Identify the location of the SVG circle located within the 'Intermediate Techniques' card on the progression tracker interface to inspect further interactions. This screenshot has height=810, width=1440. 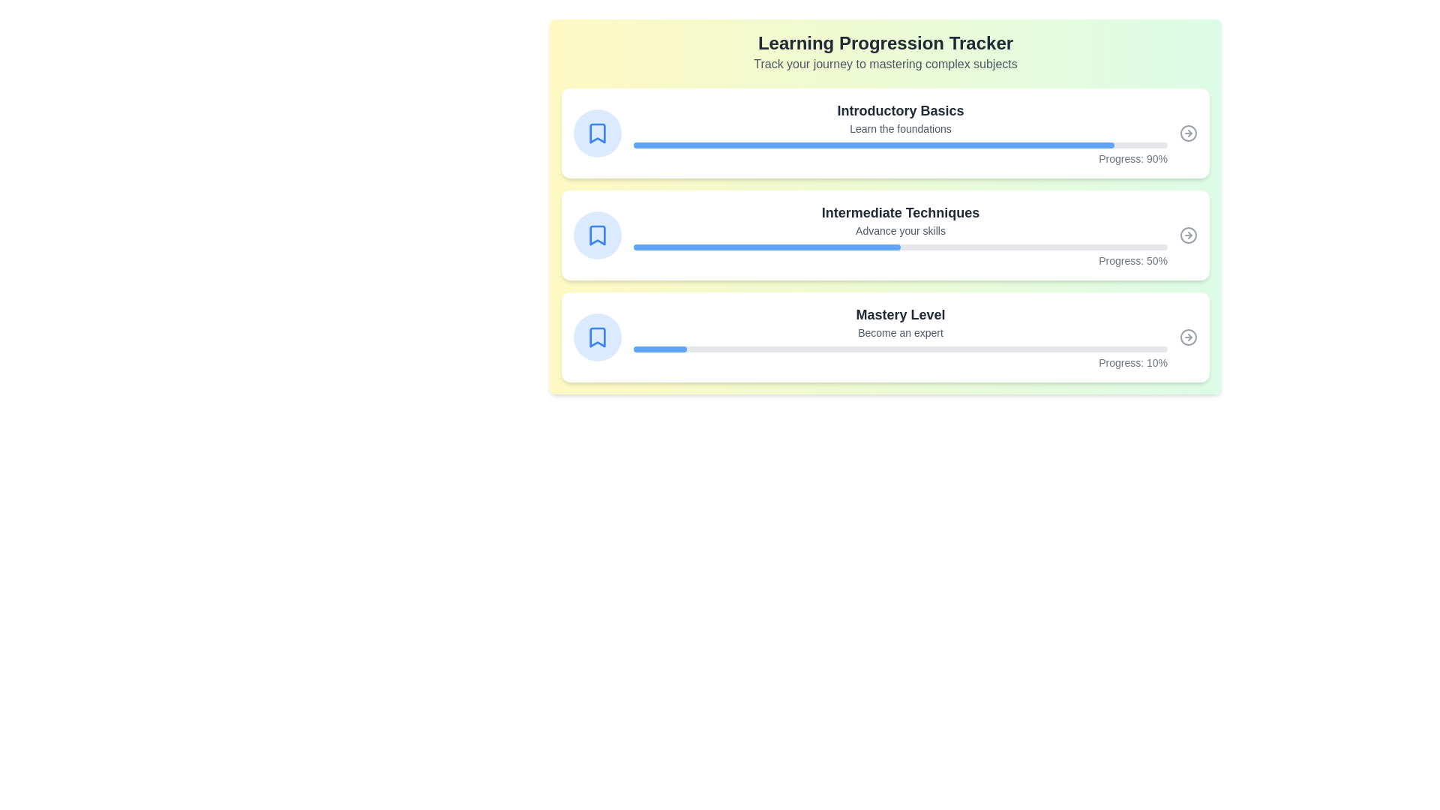
(1187, 235).